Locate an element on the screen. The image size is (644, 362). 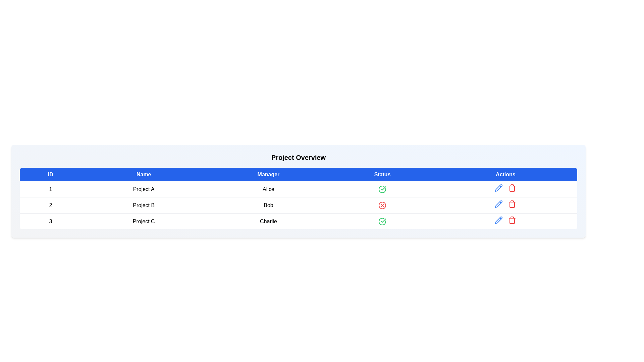
the vector-based pencil icon located in the 'Actions' column for 'Project B' to initiate the edit function is located at coordinates (499, 220).